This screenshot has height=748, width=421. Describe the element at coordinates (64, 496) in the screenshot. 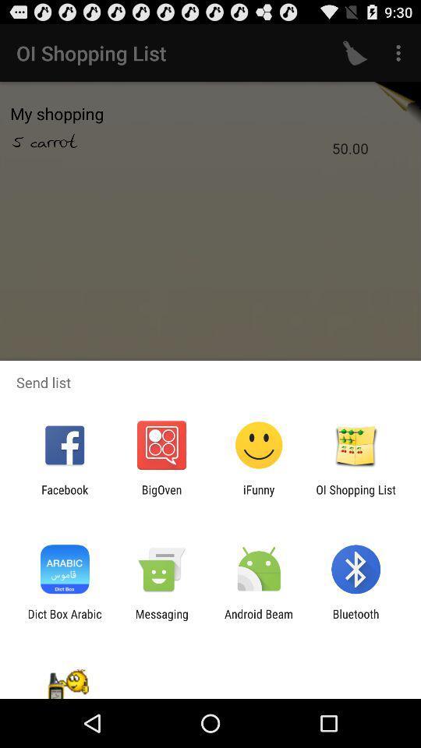

I see `app to the left of bigoven item` at that location.